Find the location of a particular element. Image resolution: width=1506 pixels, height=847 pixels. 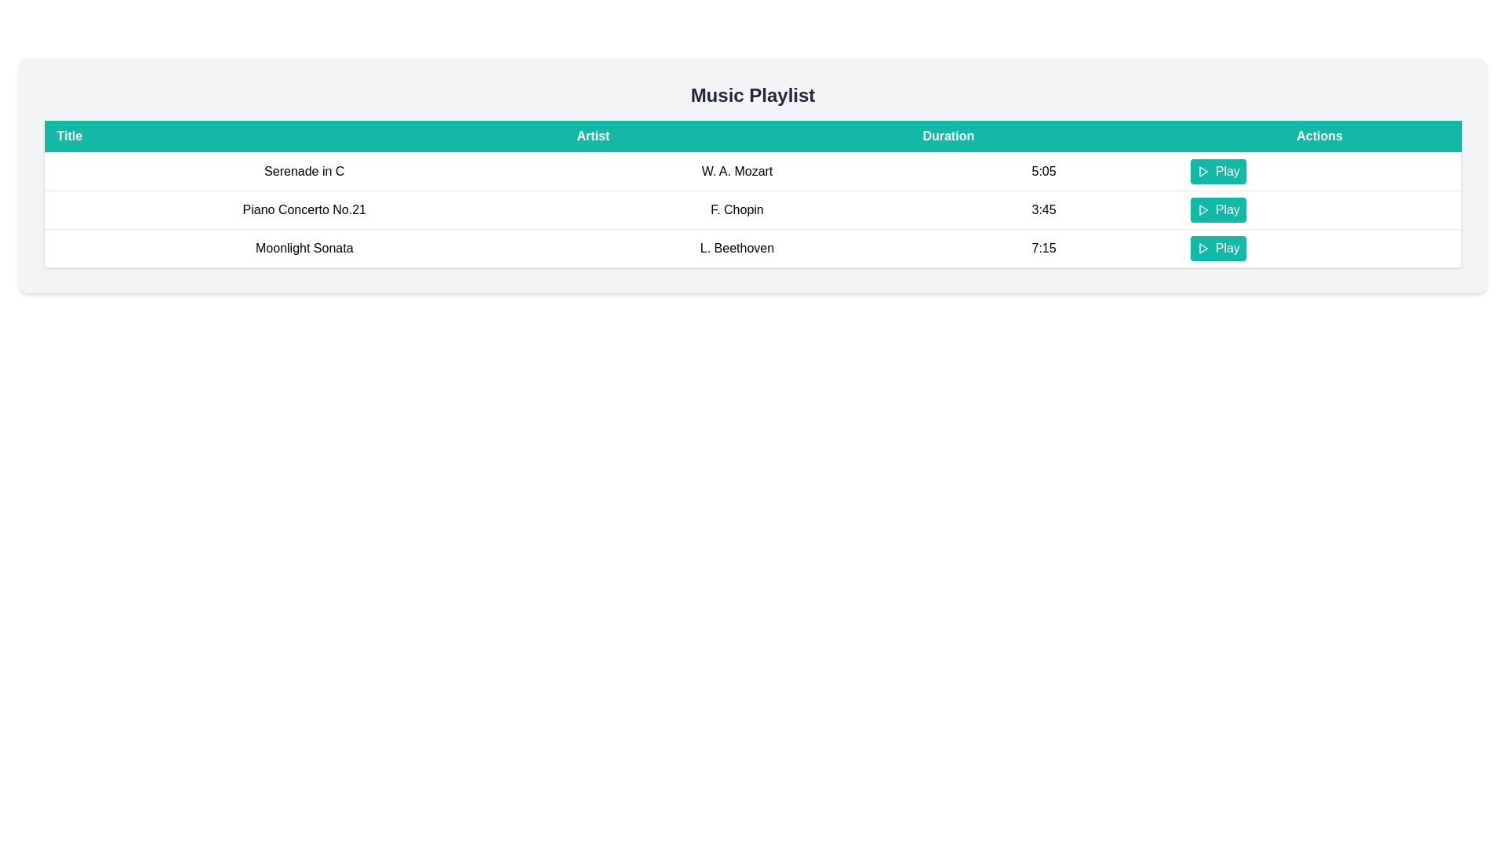

the triangular play icon located in the 'Actions' column for the 'Moonlight Sonata' track to initiate playback is located at coordinates (1202, 247).